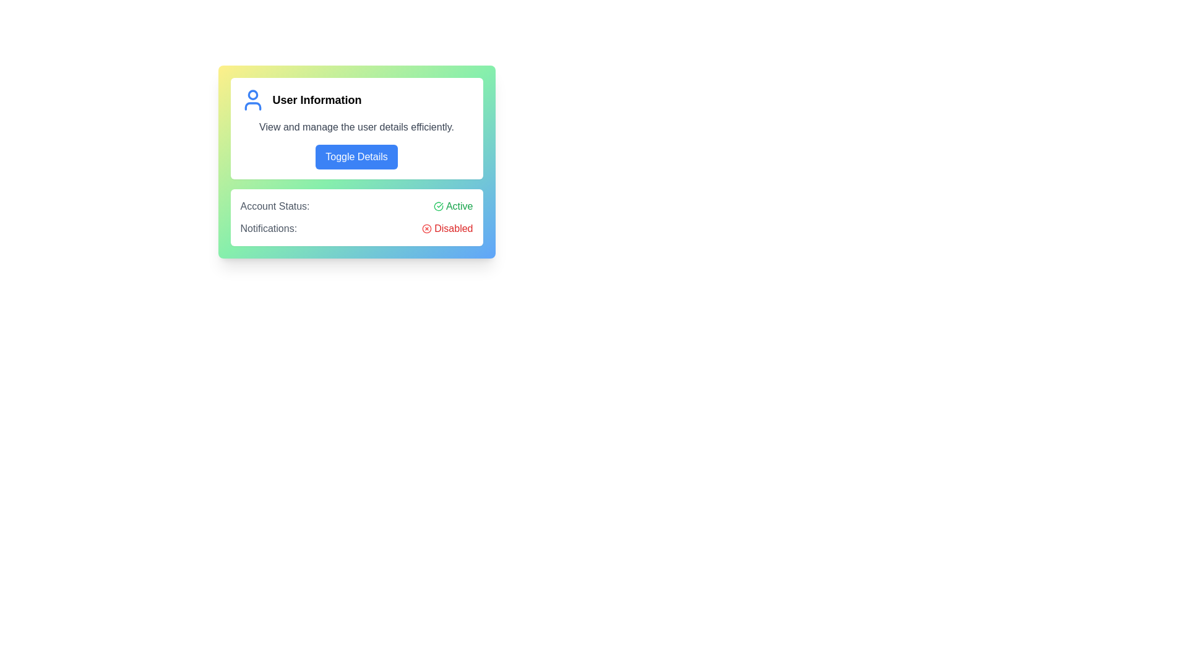 The height and width of the screenshot is (668, 1188). I want to click on the non-interactive Text Label that indicates the account status as 'Active', located to the right of the green checkmark icon in the account status section of the card layout, so click(458, 206).